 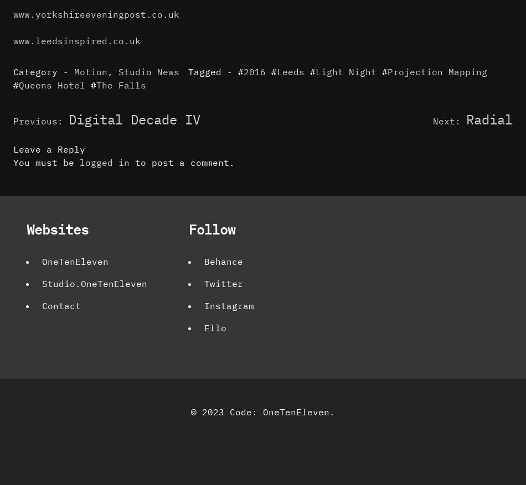 What do you see at coordinates (446, 120) in the screenshot?
I see `'Next:'` at bounding box center [446, 120].